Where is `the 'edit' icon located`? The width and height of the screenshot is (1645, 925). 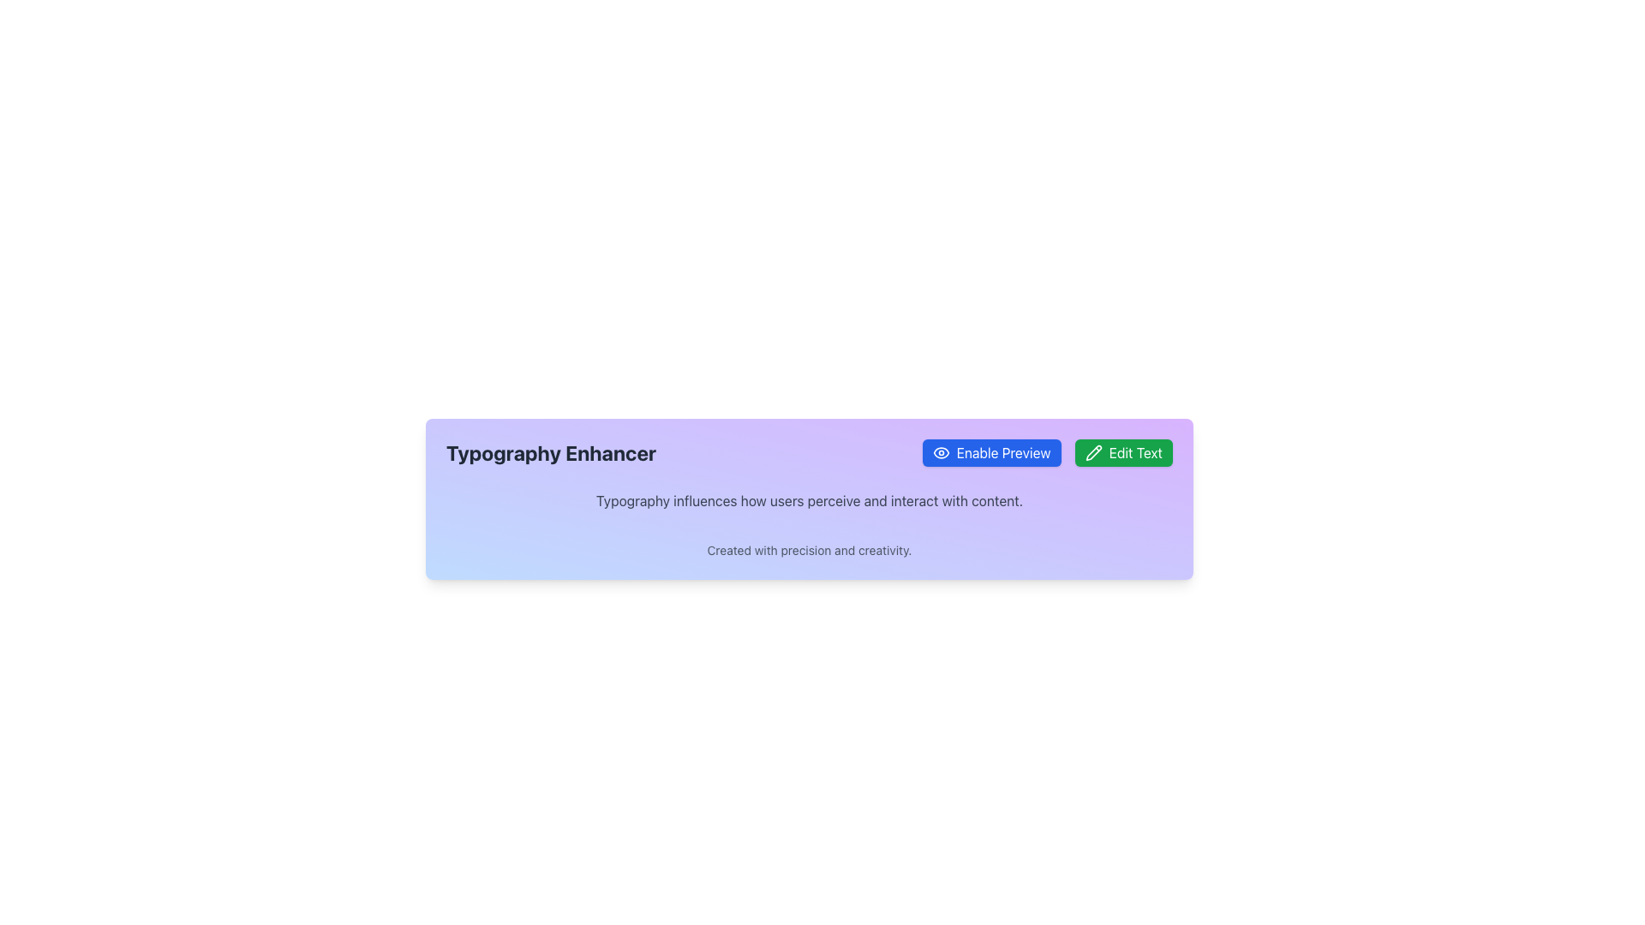
the 'edit' icon located is located at coordinates (1092, 451).